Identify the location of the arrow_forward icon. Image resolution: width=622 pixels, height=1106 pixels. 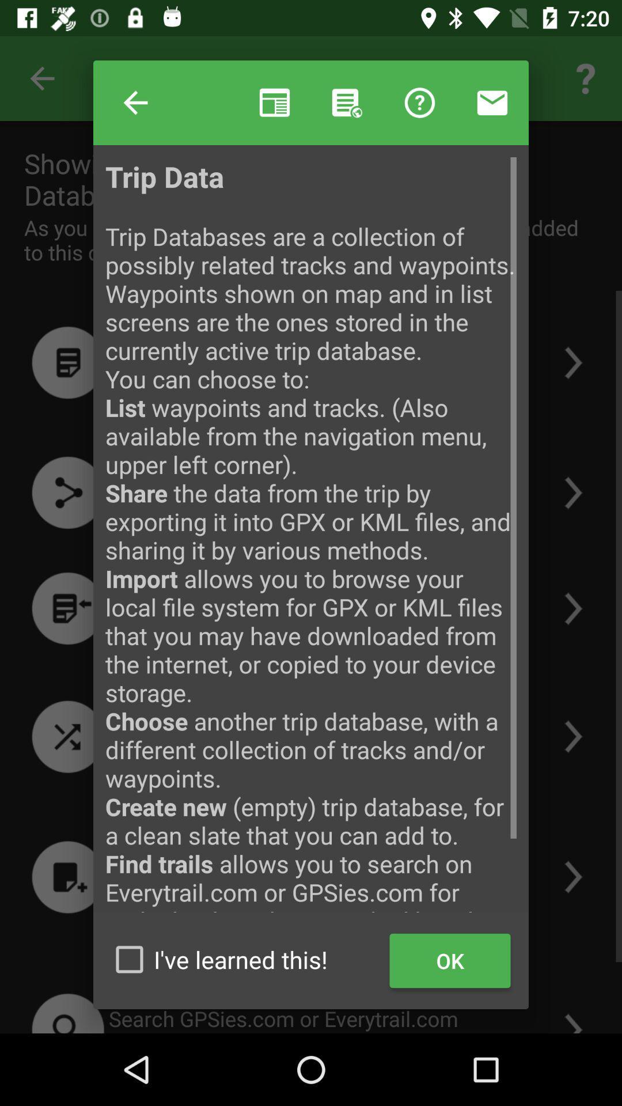
(575, 611).